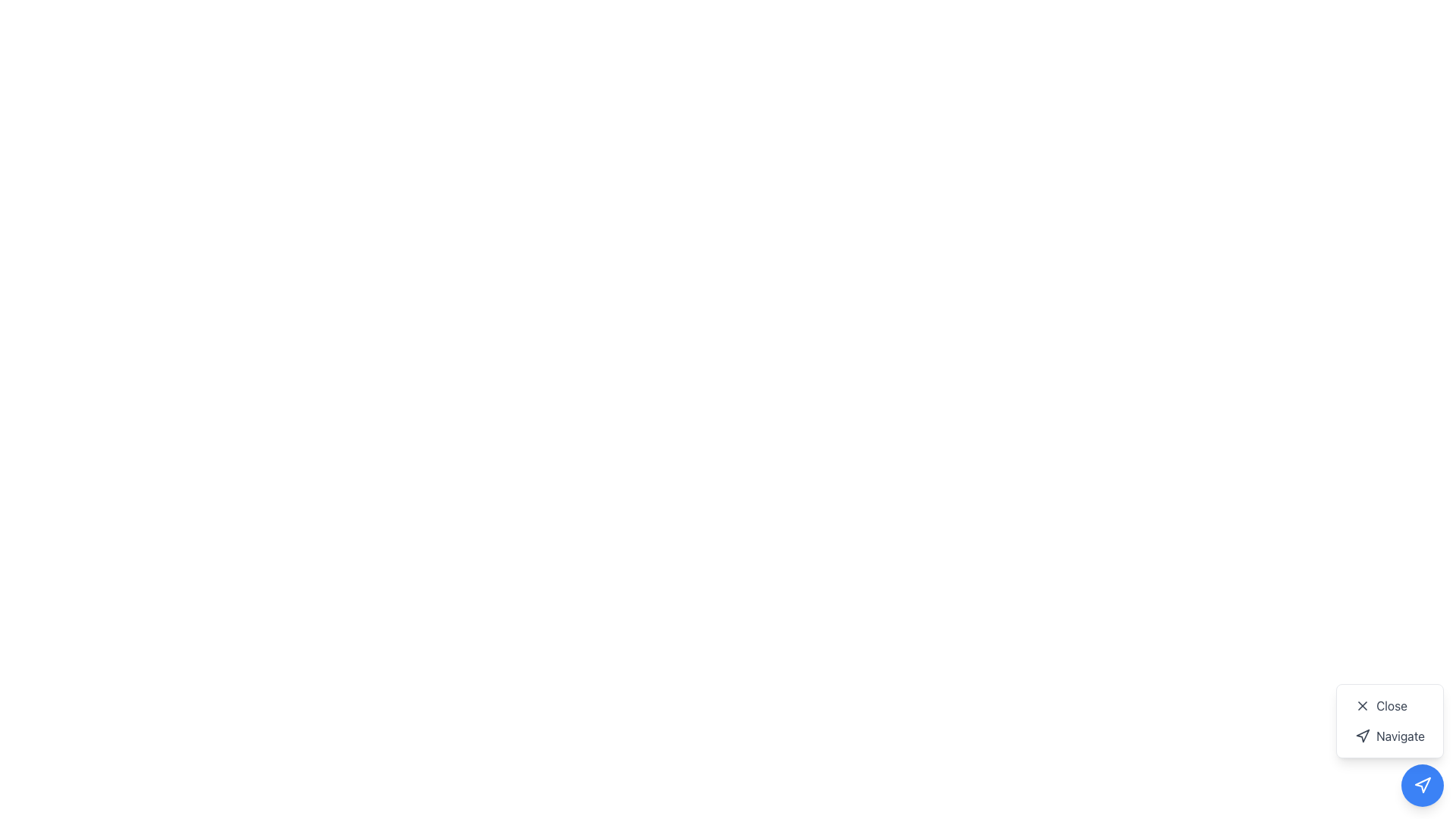 This screenshot has width=1456, height=819. What do you see at coordinates (1390, 720) in the screenshot?
I see `the 'Navigate' row in the bottom-right menu pop-up` at bounding box center [1390, 720].